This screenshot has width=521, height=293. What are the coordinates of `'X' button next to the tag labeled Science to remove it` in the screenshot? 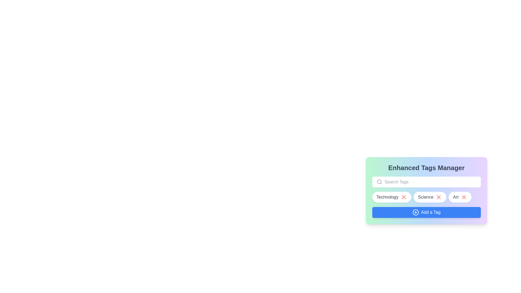 It's located at (439, 197).